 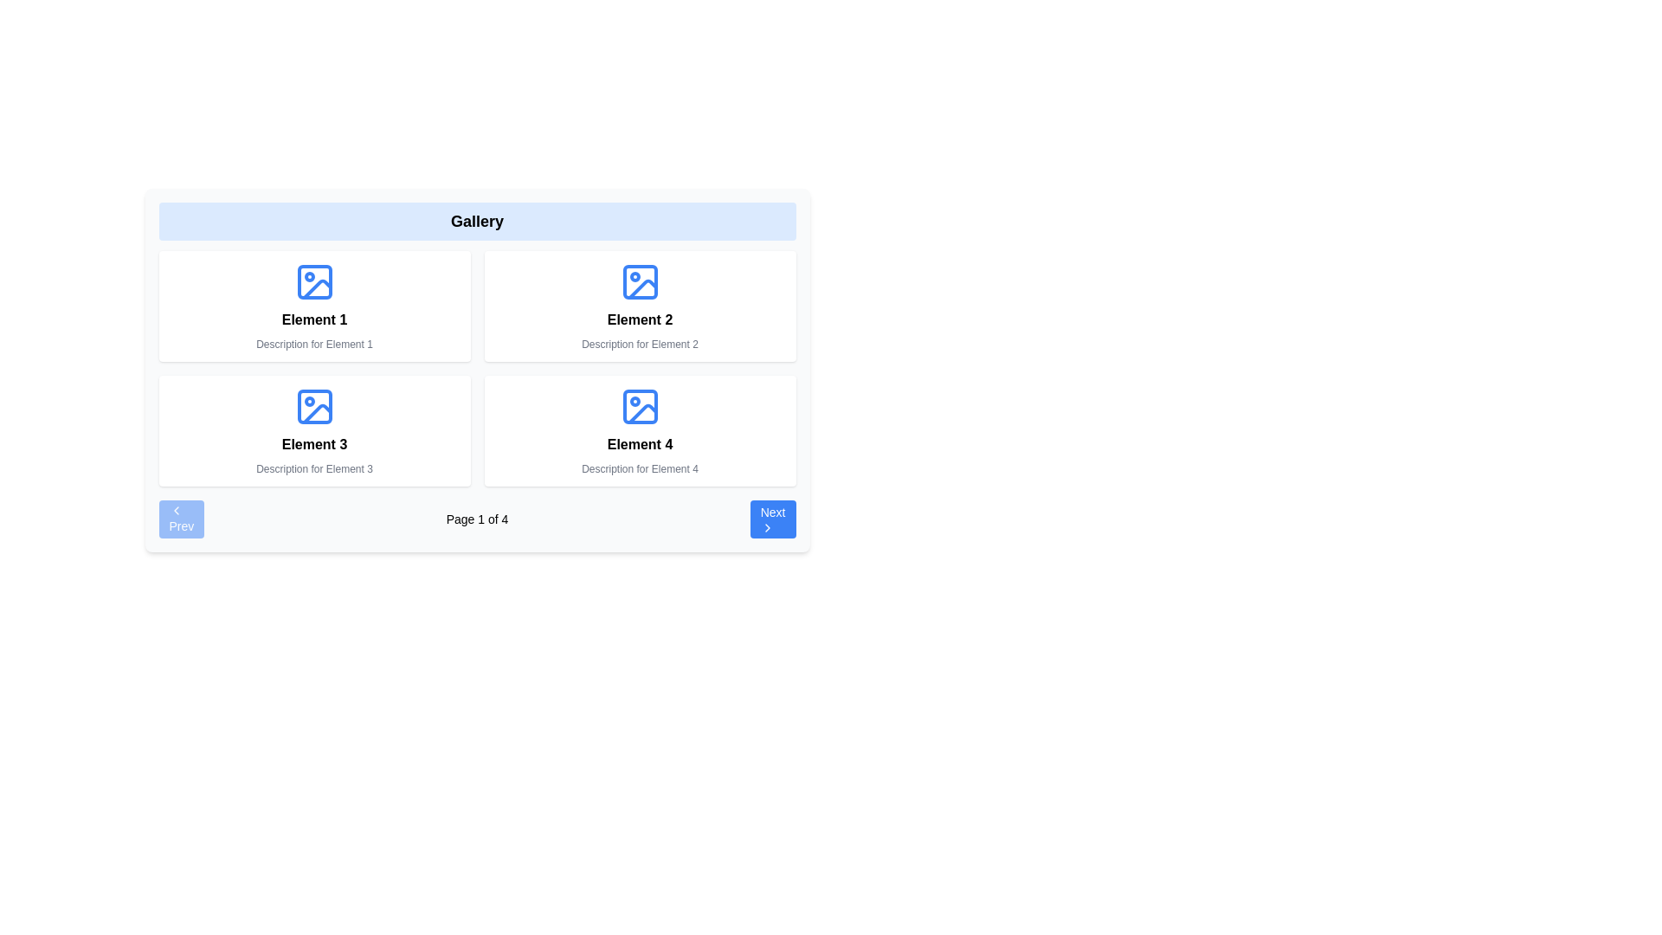 What do you see at coordinates (314, 429) in the screenshot?
I see `the white rectangular card with a blue picture frame icon and text 'Element 3' located in the bottom-left corner of the grid` at bounding box center [314, 429].